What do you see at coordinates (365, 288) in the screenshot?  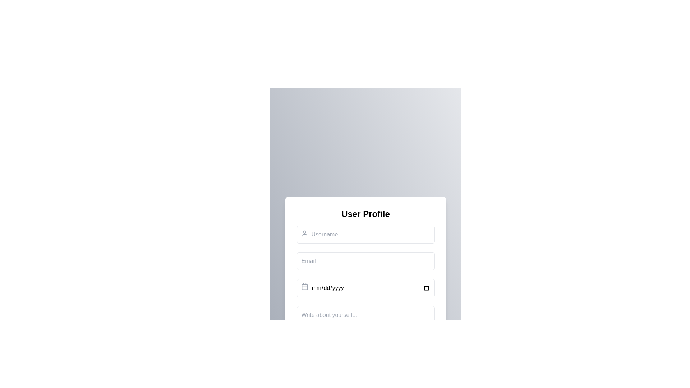 I see `a date using the calendar icon located in the date input field, which is styled as a text box with rounded corners and displays placeholder text 'mm/dd/yyyy'` at bounding box center [365, 288].